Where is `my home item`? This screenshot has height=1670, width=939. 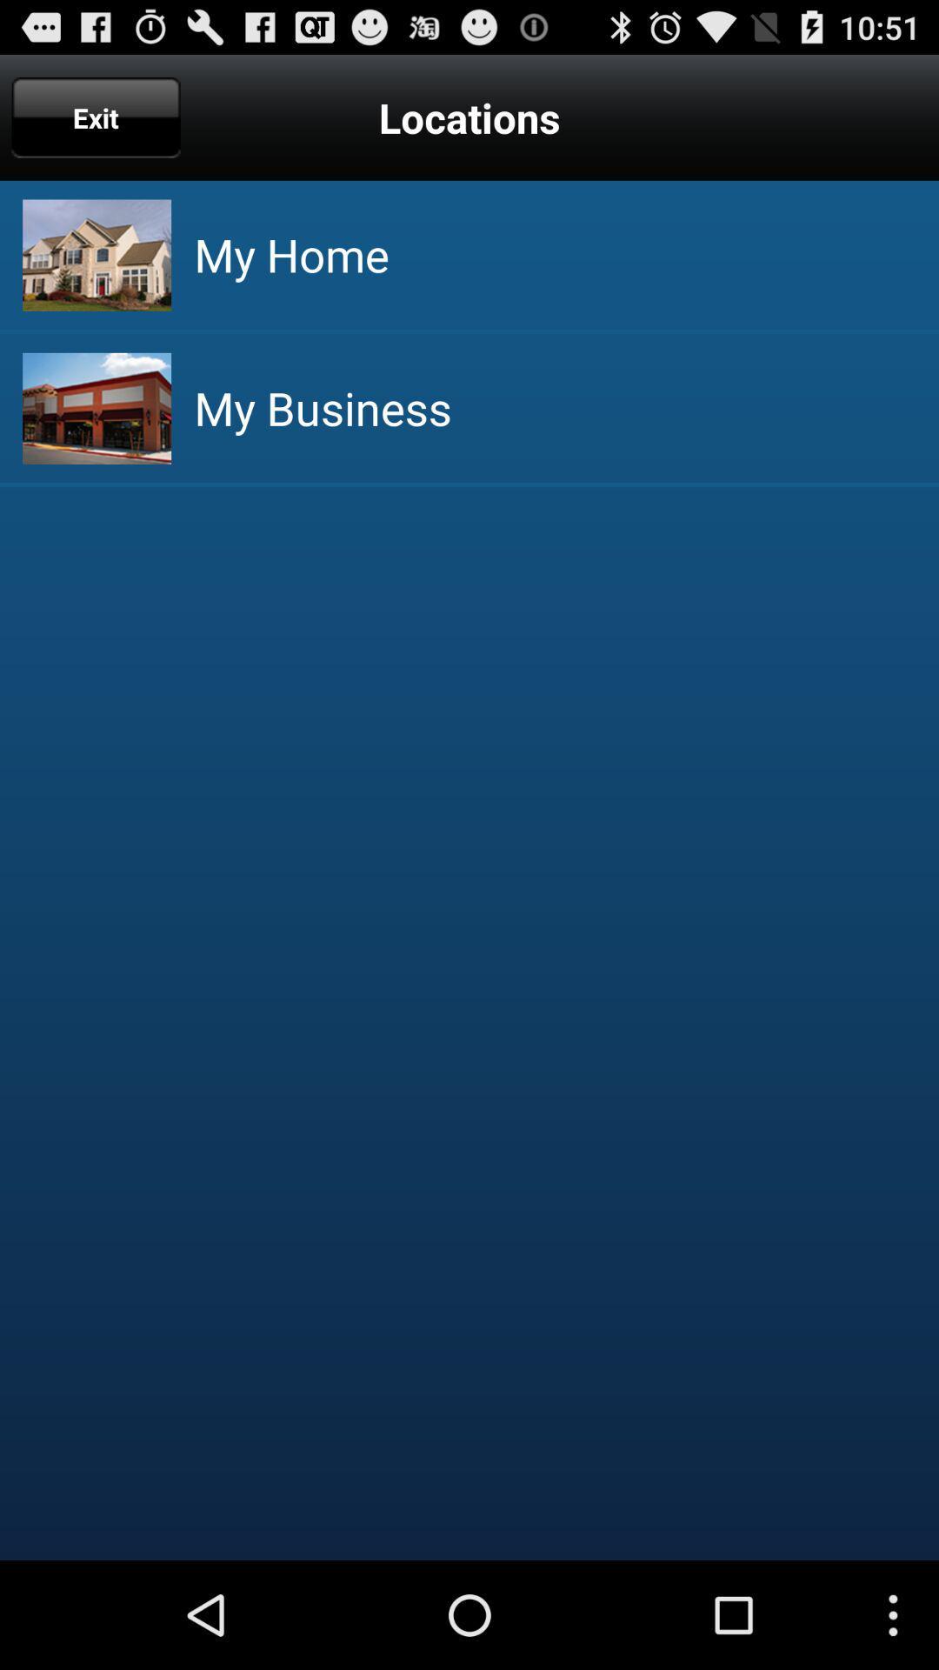 my home item is located at coordinates (290, 254).